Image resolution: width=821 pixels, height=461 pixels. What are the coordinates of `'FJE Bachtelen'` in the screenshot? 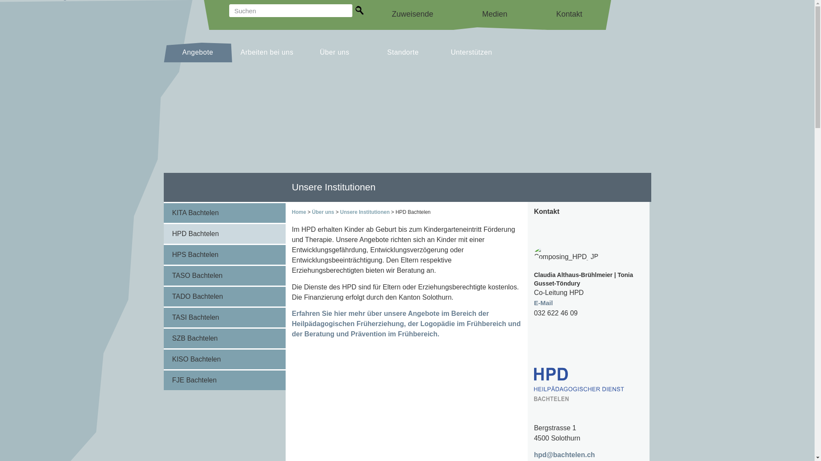 It's located at (224, 380).